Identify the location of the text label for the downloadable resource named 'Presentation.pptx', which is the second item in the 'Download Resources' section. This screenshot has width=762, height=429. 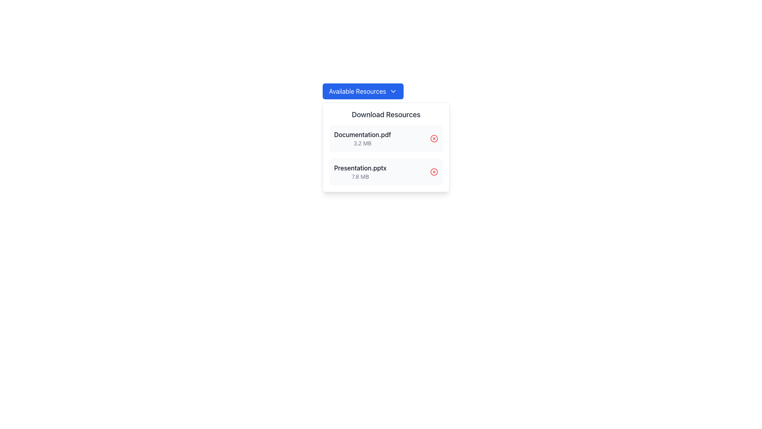
(360, 168).